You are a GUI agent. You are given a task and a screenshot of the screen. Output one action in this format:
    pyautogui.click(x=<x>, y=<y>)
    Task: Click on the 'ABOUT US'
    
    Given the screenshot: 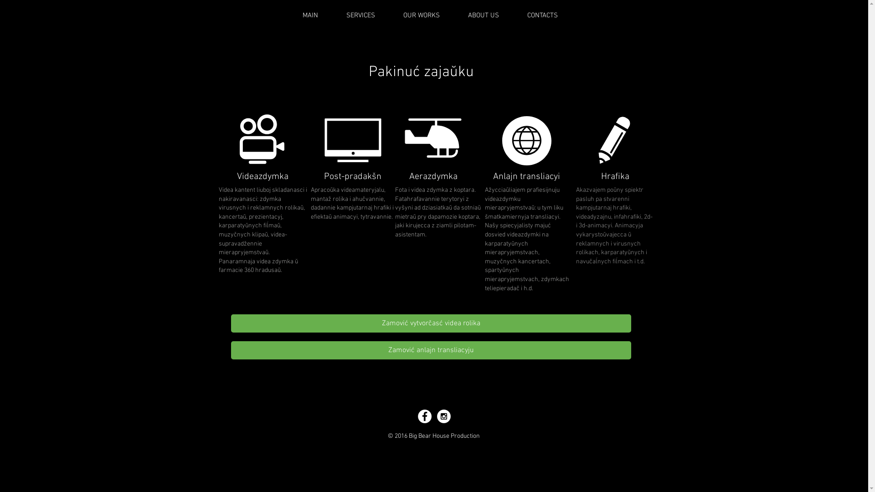 What is the action you would take?
    pyautogui.click(x=483, y=15)
    